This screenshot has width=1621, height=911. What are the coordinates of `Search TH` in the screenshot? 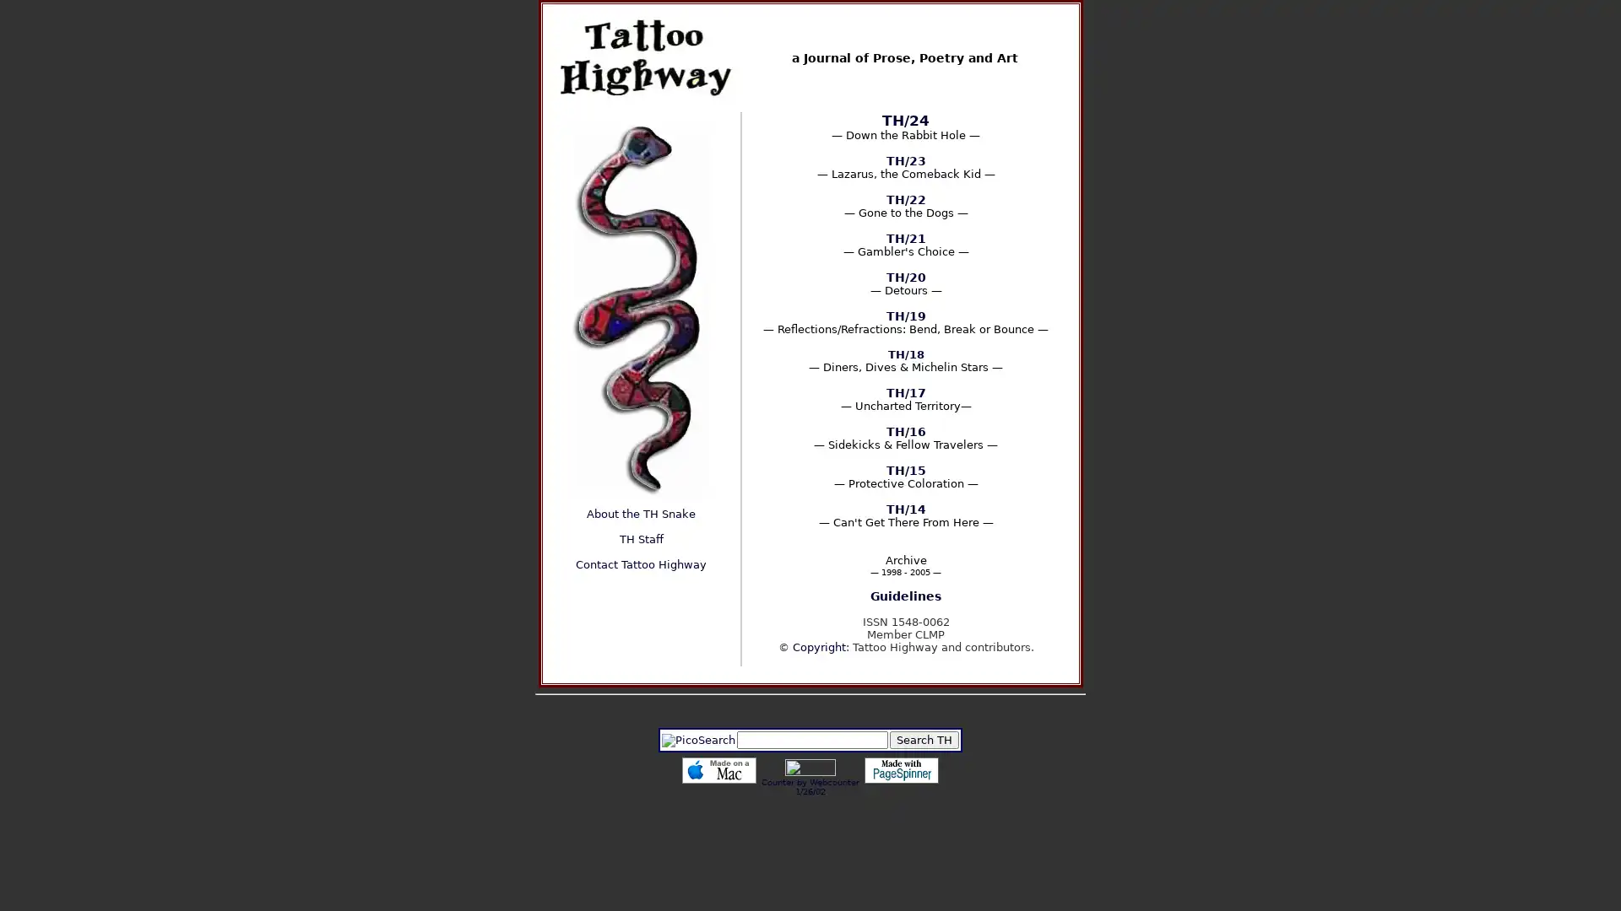 It's located at (923, 739).